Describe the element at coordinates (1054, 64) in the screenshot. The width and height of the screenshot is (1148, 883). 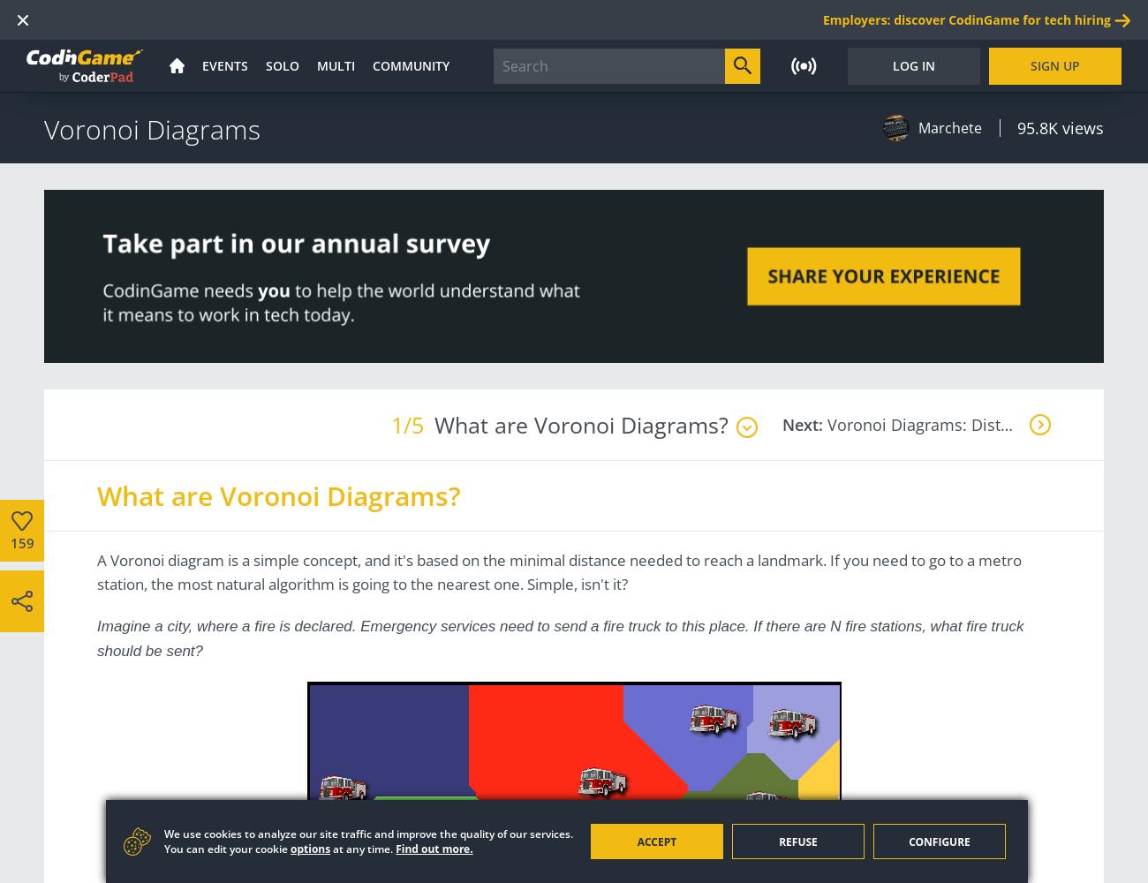
I see `'Sign Up'` at that location.